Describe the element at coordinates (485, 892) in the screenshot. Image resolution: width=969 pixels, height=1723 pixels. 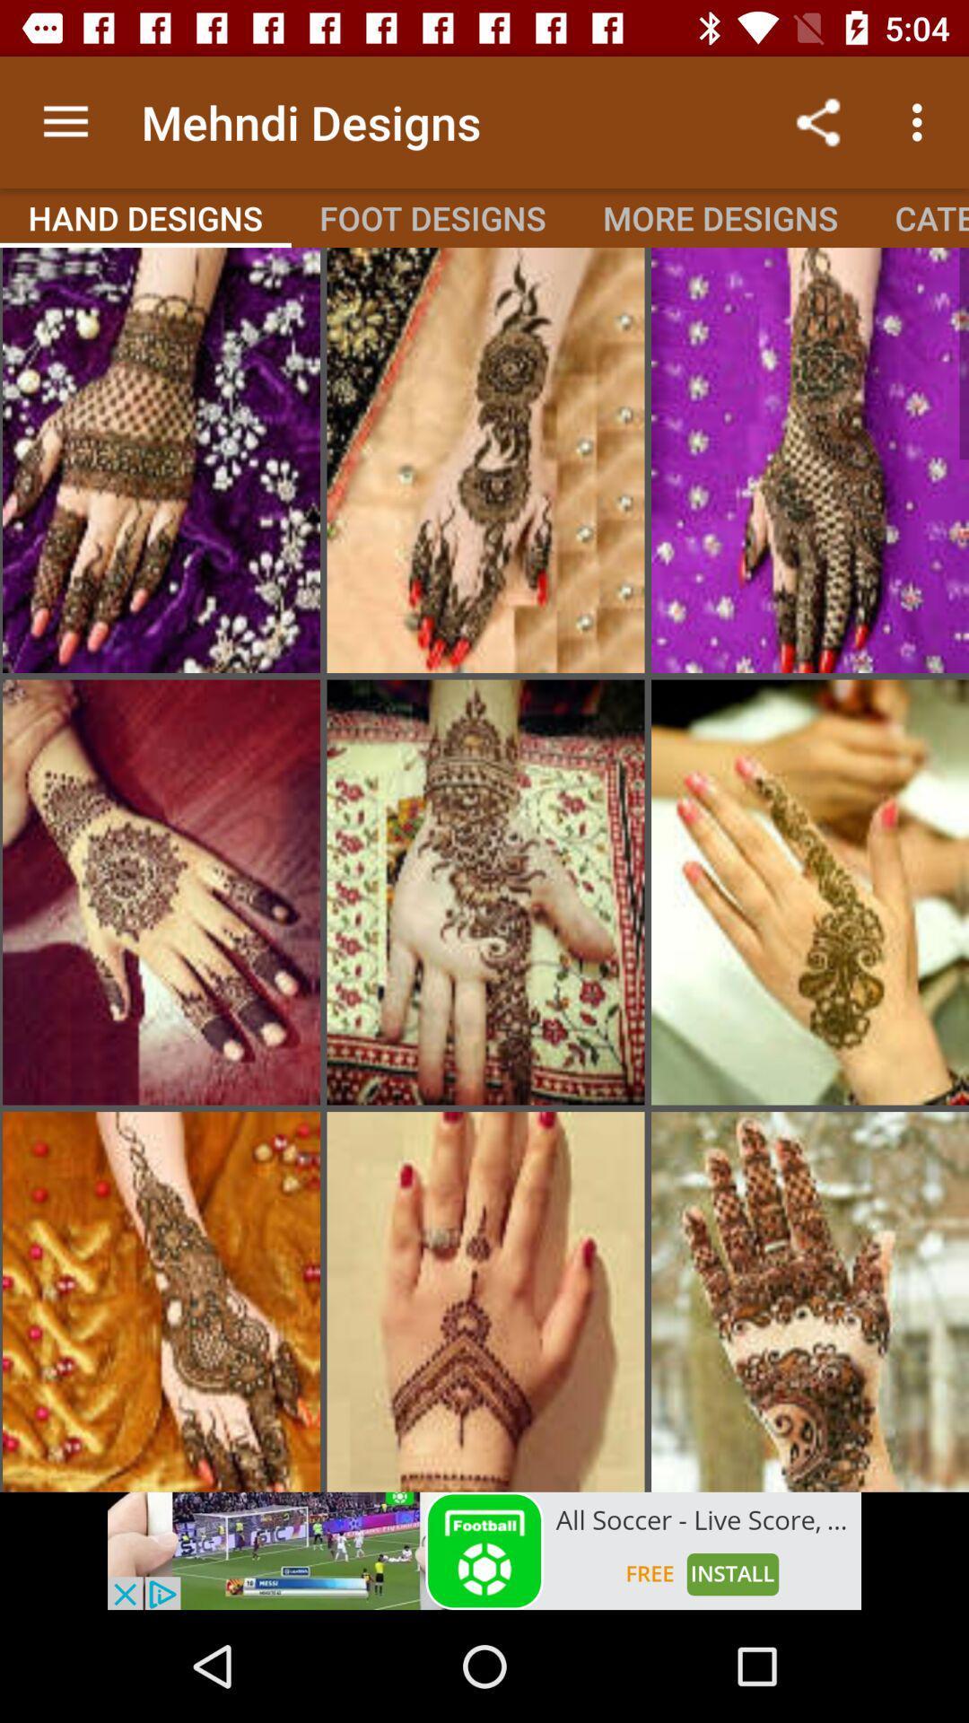
I see `pictures` at that location.